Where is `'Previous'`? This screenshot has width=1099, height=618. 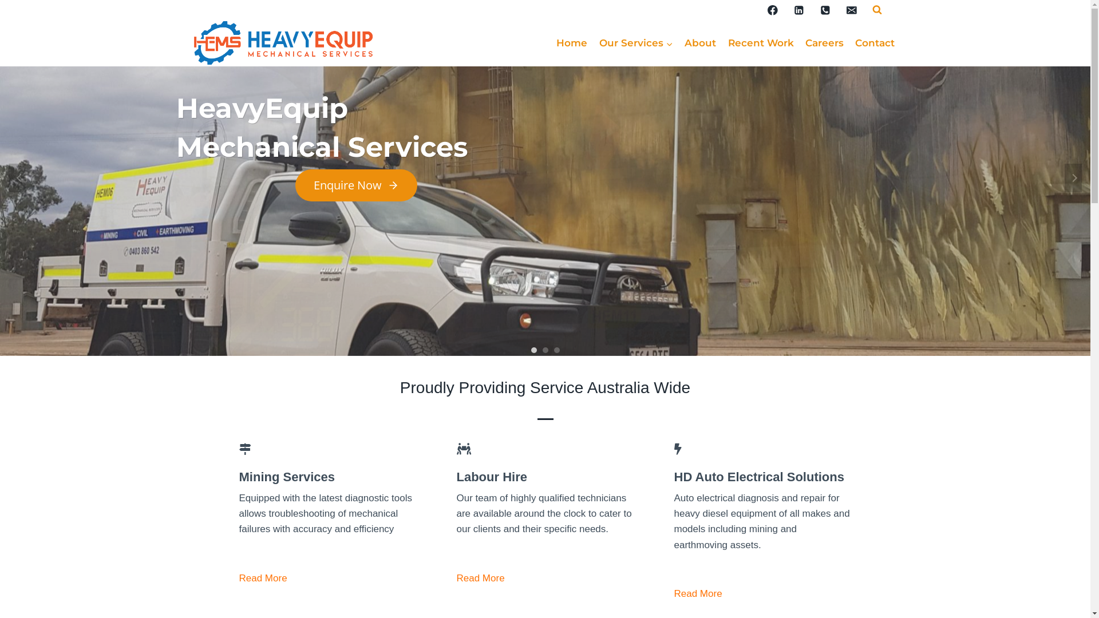
'Previous' is located at coordinates (8, 178).